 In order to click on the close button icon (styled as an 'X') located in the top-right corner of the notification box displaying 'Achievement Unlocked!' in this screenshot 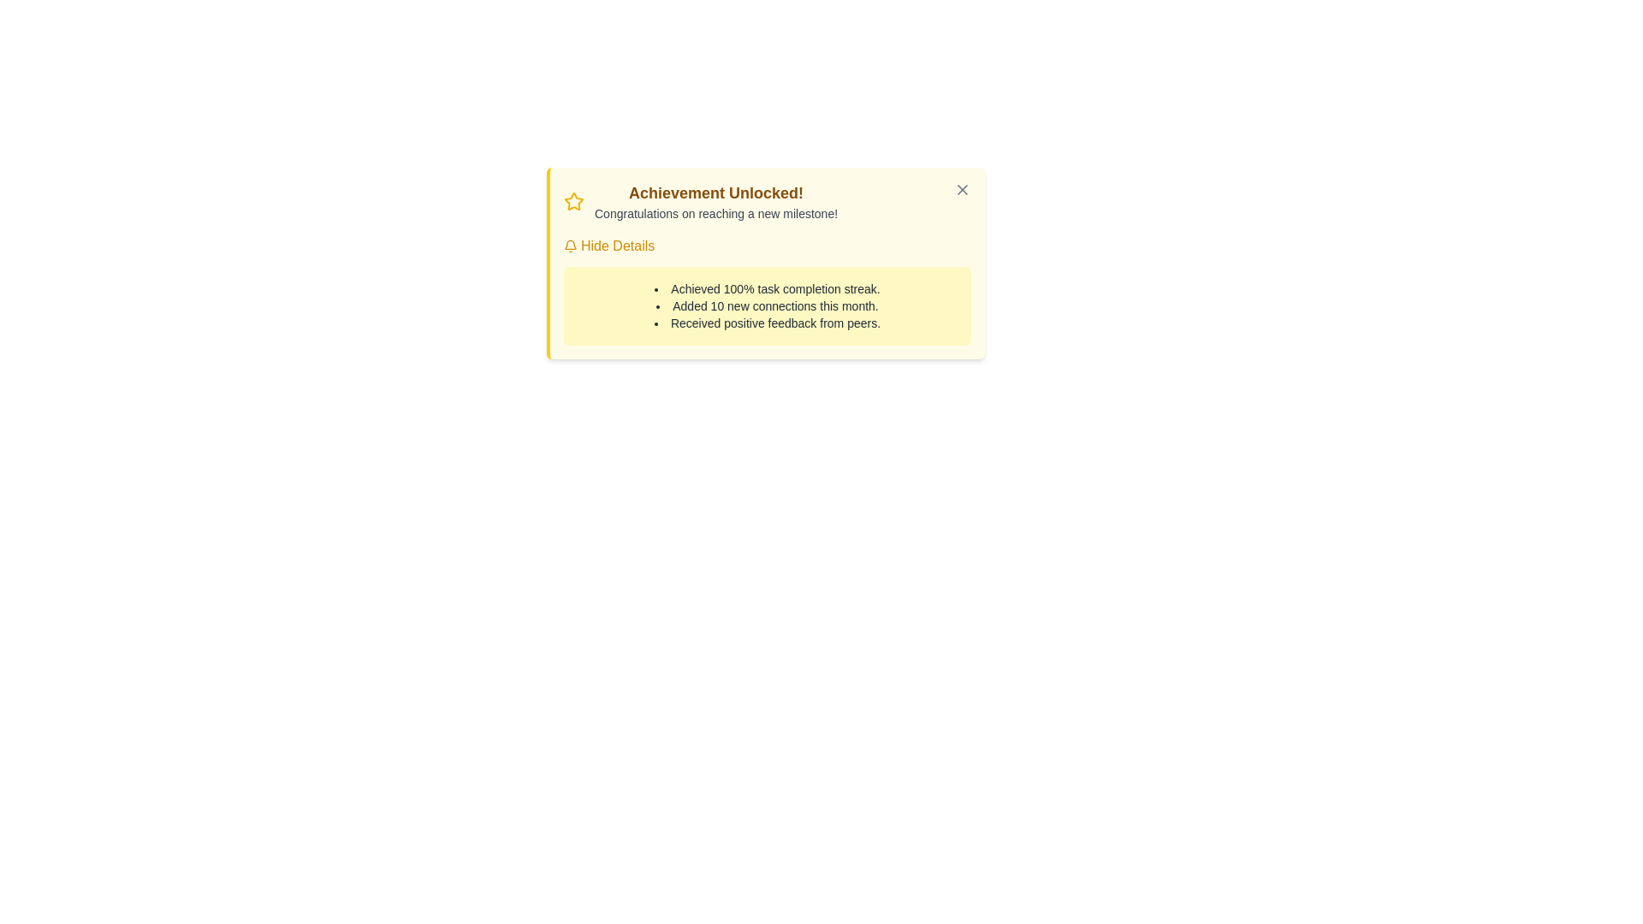, I will do `click(962, 190)`.